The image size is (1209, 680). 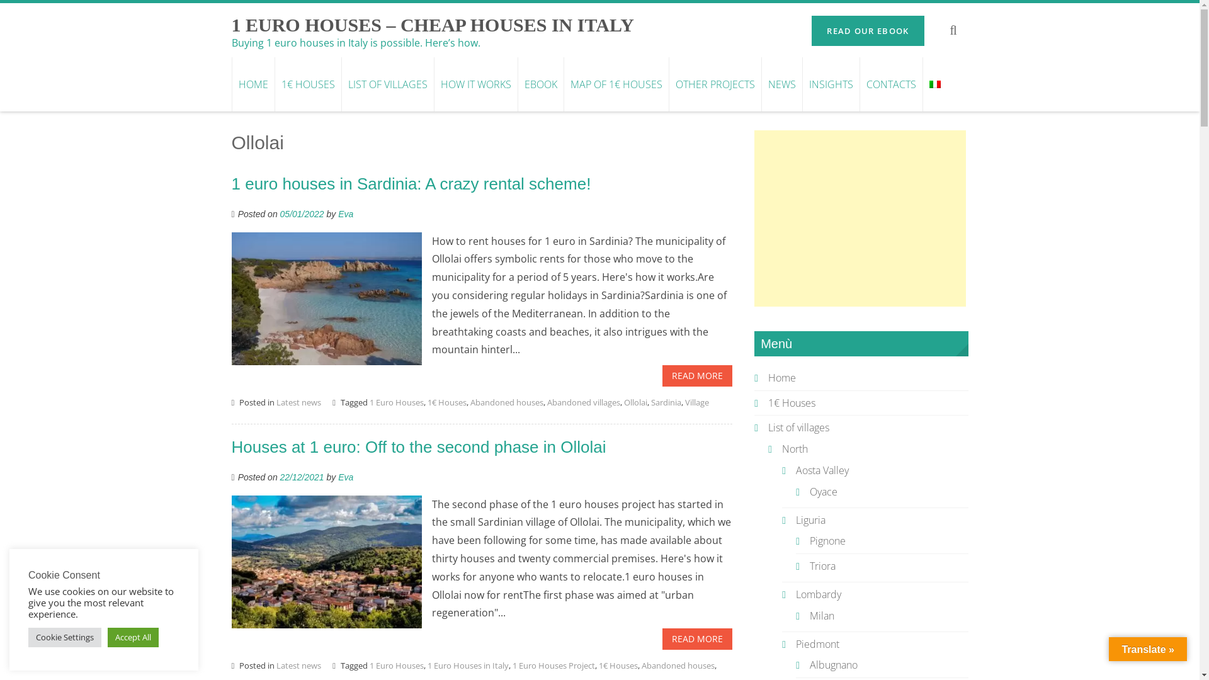 What do you see at coordinates (635, 402) in the screenshot?
I see `'Ollolai'` at bounding box center [635, 402].